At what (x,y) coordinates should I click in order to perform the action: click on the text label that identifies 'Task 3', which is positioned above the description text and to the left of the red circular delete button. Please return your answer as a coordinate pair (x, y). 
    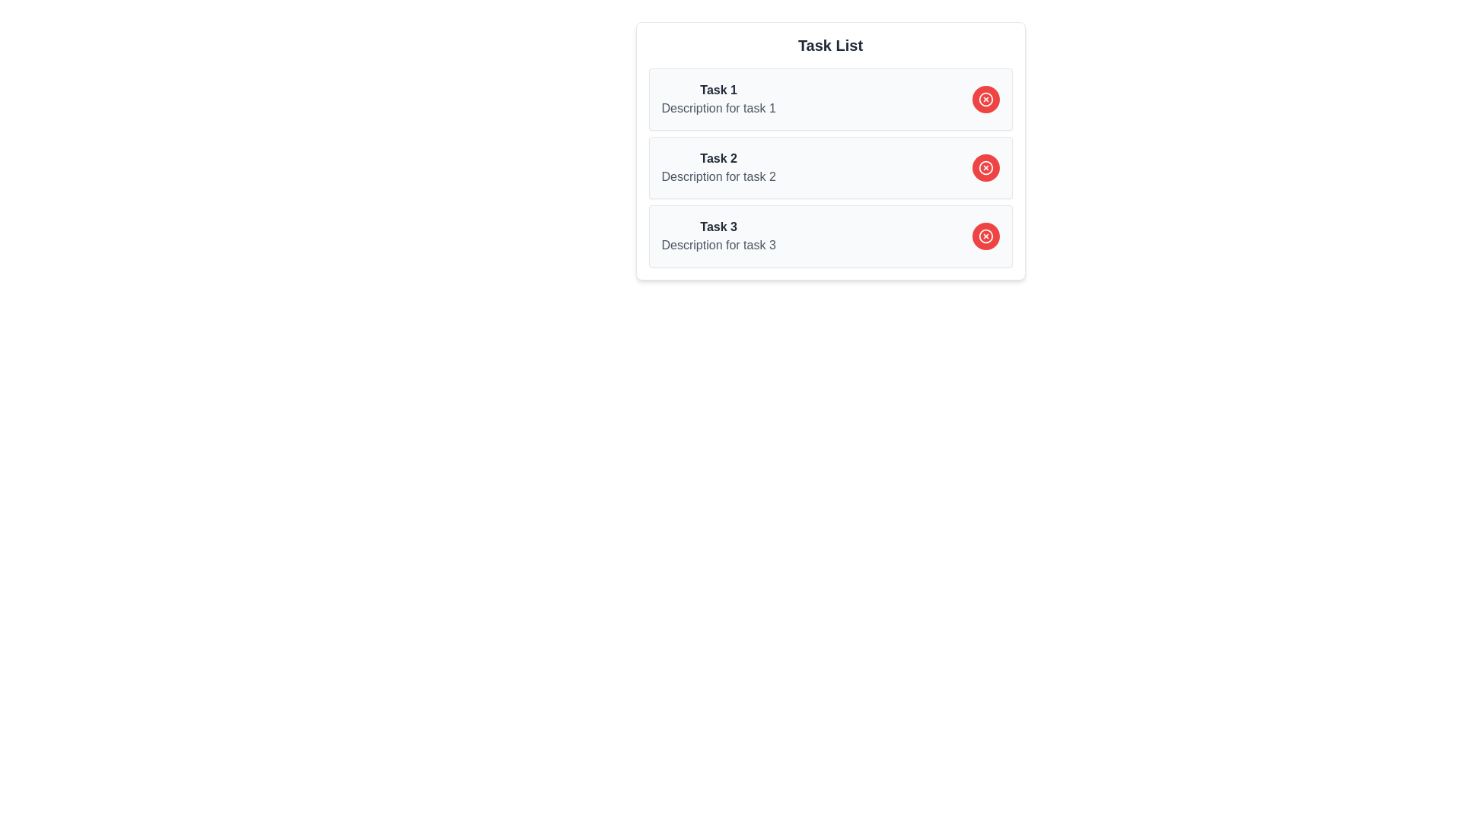
    Looking at the image, I should click on (718, 227).